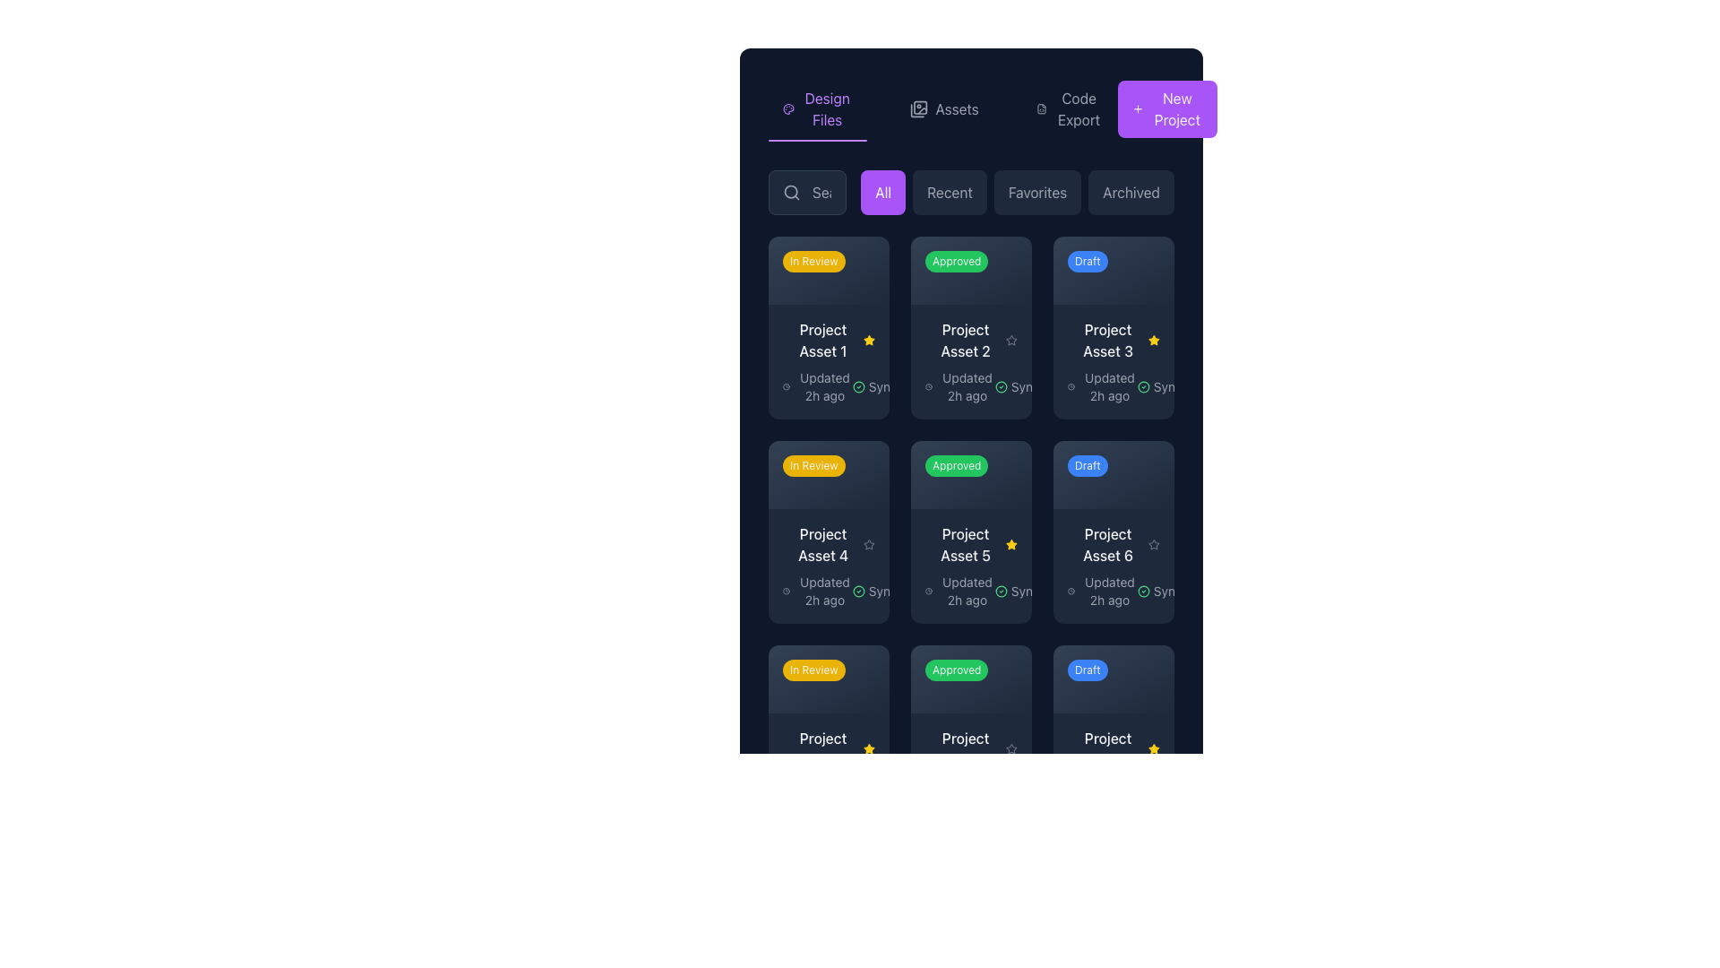  I want to click on the text display with the message 'Updated 2h ago' and a small clock icon on its left, located in the lower-left section of the 'Project Asset 5' card, so click(959, 591).